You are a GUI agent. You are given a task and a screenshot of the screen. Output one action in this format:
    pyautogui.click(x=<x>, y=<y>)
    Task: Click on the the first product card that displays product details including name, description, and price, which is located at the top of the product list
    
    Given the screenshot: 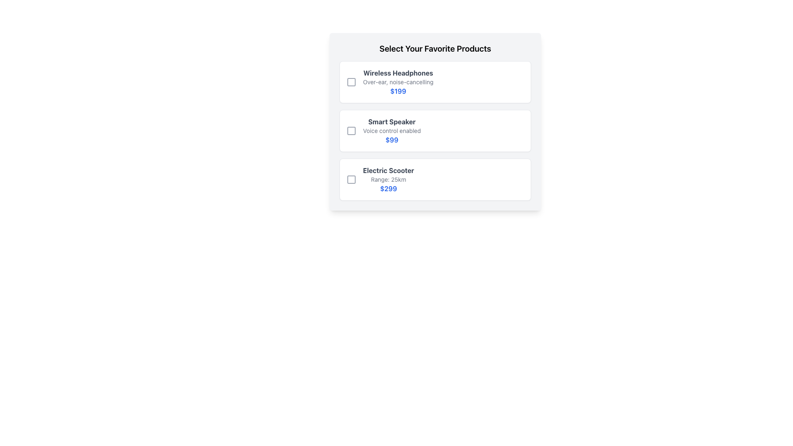 What is the action you would take?
    pyautogui.click(x=435, y=82)
    